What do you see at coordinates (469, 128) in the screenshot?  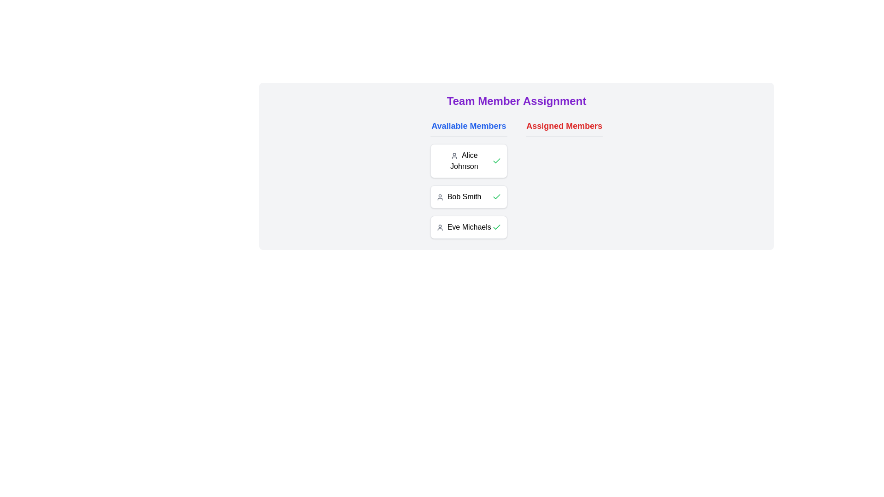 I see `the Text Label that categorizes the section of the interface displaying the available members, located at the top-center of the UI, to the left of the 'Assigned Members' header` at bounding box center [469, 128].